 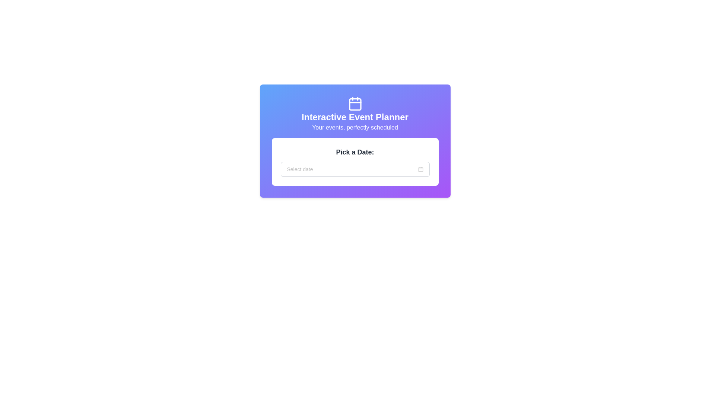 I want to click on the blue rounded rectangle within the calendar icon located at the top of the page, above the text 'Interactive Event Planner', so click(x=355, y=104).